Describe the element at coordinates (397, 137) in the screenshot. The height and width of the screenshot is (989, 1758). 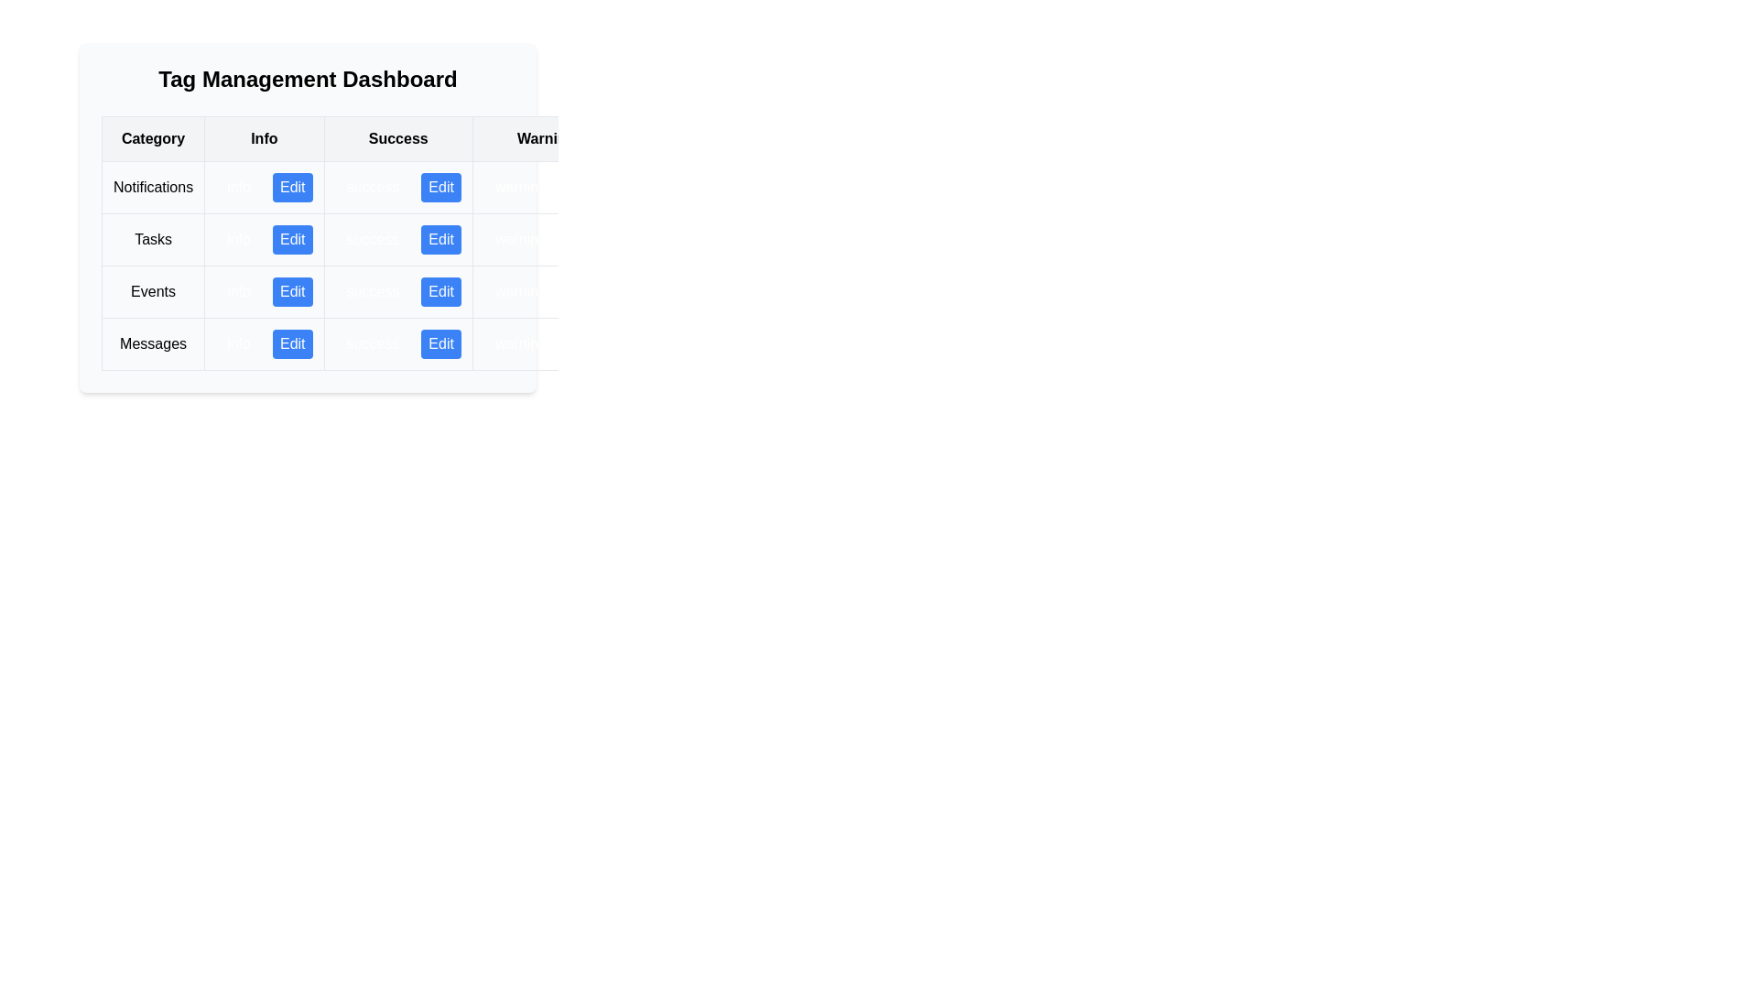
I see `the Table Header Cell labeled 'Success', which is the third column header in a five-column table, positioned at the top section of the interface` at that location.